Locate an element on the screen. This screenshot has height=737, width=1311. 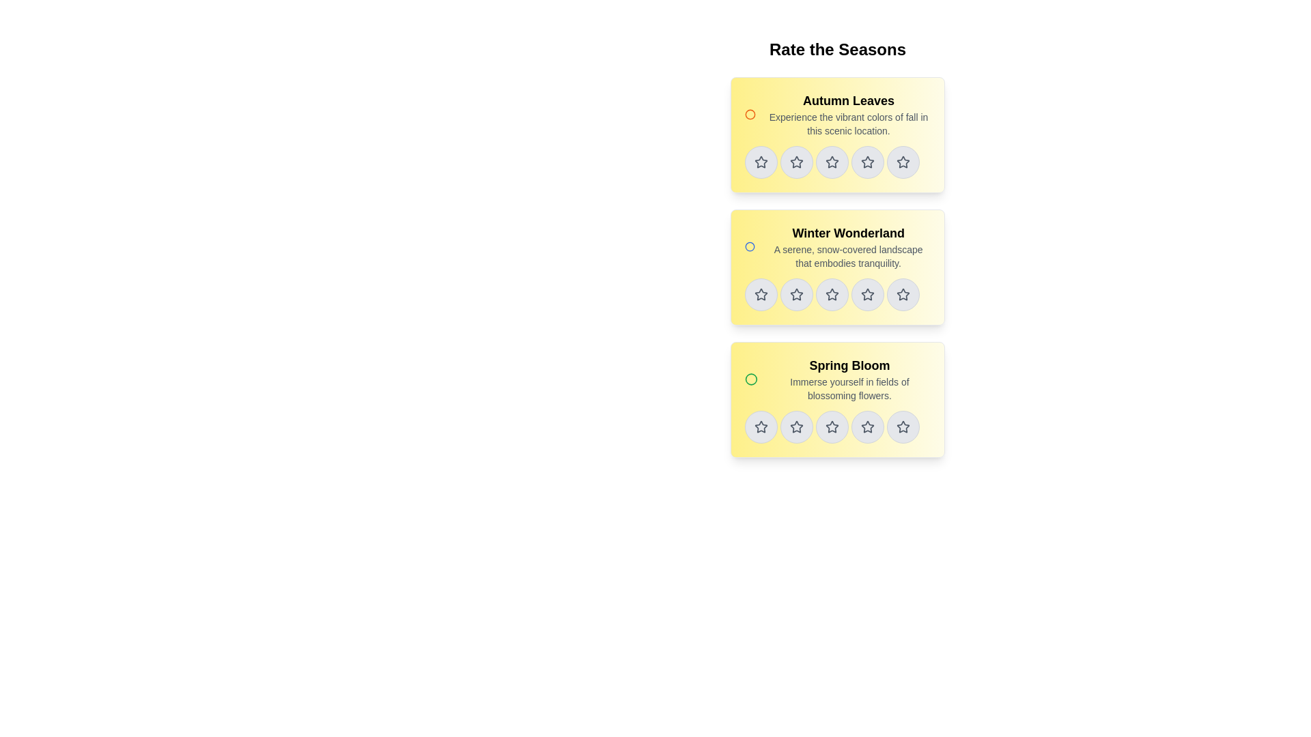
the first star icon in the row of rating stars within the 'Spring Bloom' section is located at coordinates (760, 426).